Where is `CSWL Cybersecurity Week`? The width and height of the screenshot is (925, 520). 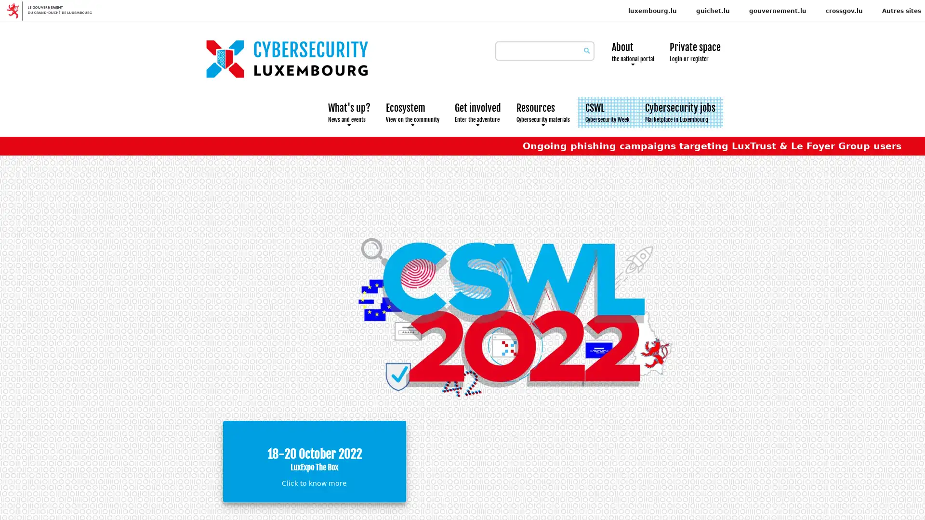
CSWL Cybersecurity Week is located at coordinates (607, 112).